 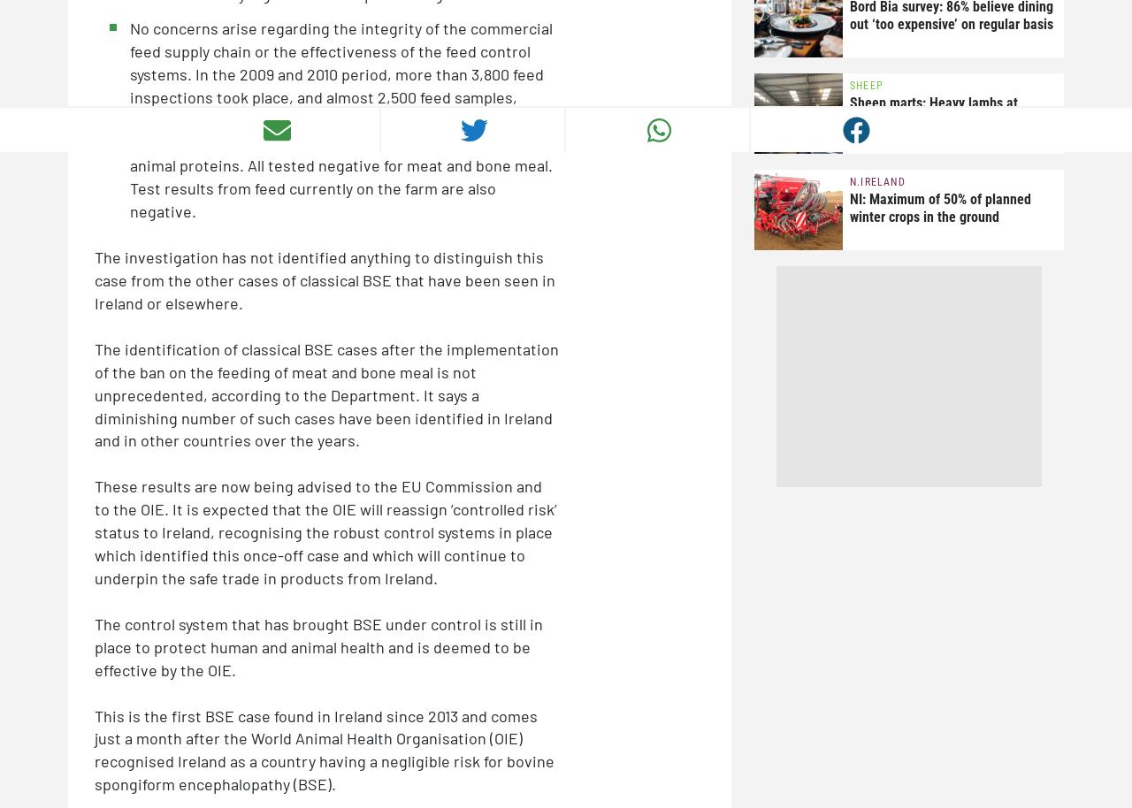 I want to click on 'Sheep marts: Heavy lambs at Blessington Mart up €5/head', so click(x=850, y=111).